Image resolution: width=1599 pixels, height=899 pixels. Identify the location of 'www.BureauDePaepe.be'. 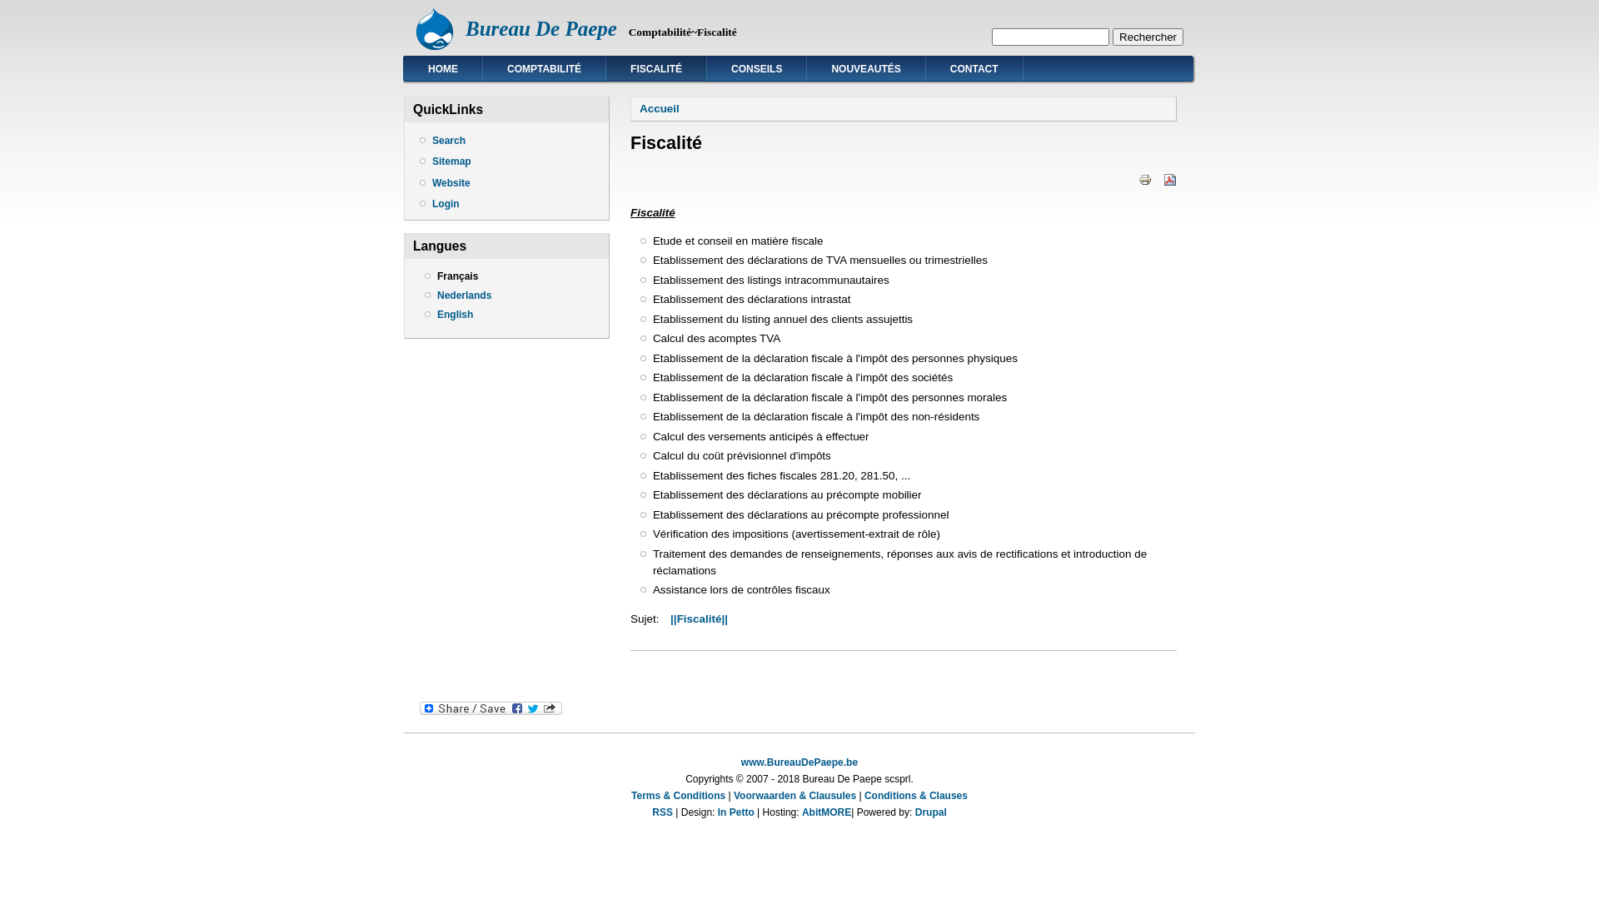
(799, 762).